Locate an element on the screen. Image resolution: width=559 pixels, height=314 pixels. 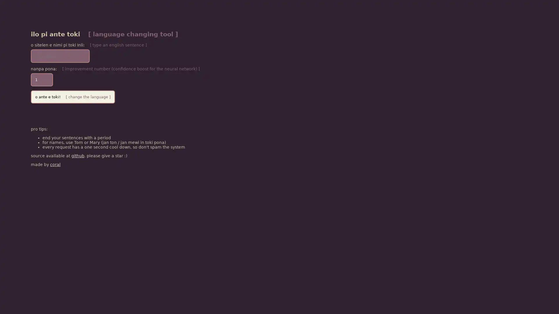
o ante e toki! [change the language] is located at coordinates (72, 96).